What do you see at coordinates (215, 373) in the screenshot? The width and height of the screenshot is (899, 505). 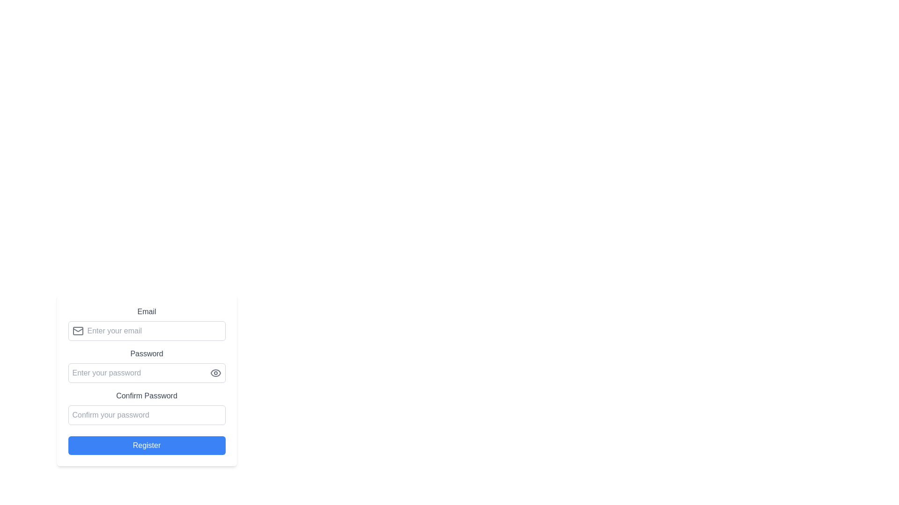 I see `the circular button with an eye icon, which is styled in gray and positioned next to the password input field` at bounding box center [215, 373].